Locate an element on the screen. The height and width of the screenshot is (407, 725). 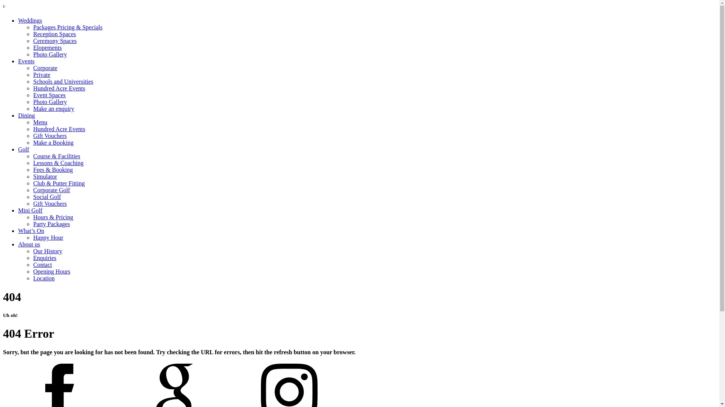
'Club & Putter Fitting' is located at coordinates (59, 183).